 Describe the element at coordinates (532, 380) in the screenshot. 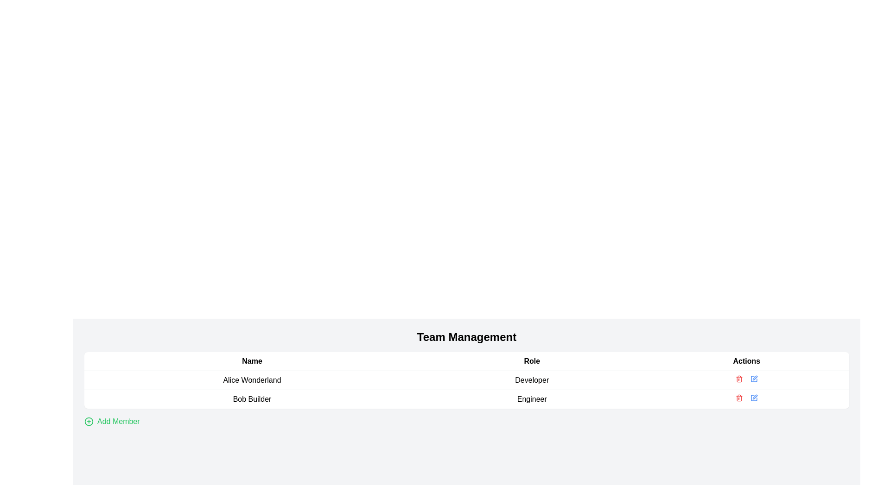

I see `text field displaying the role information 'Developer' for the person 'Alice Wonderland' located in the second row of the table under the 'Role' column` at that location.